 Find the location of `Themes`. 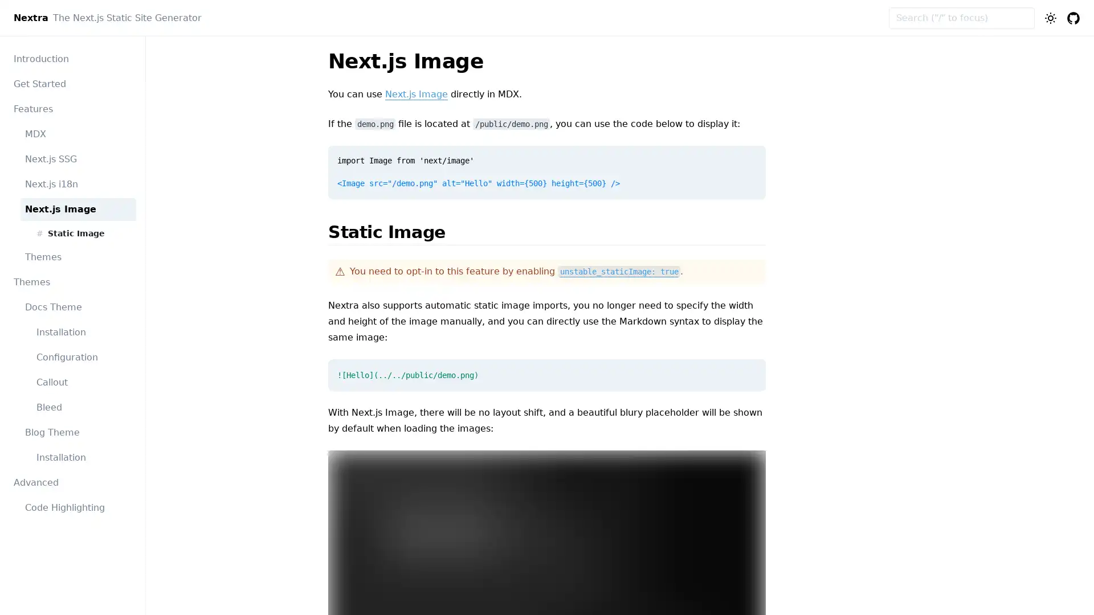

Themes is located at coordinates (72, 282).